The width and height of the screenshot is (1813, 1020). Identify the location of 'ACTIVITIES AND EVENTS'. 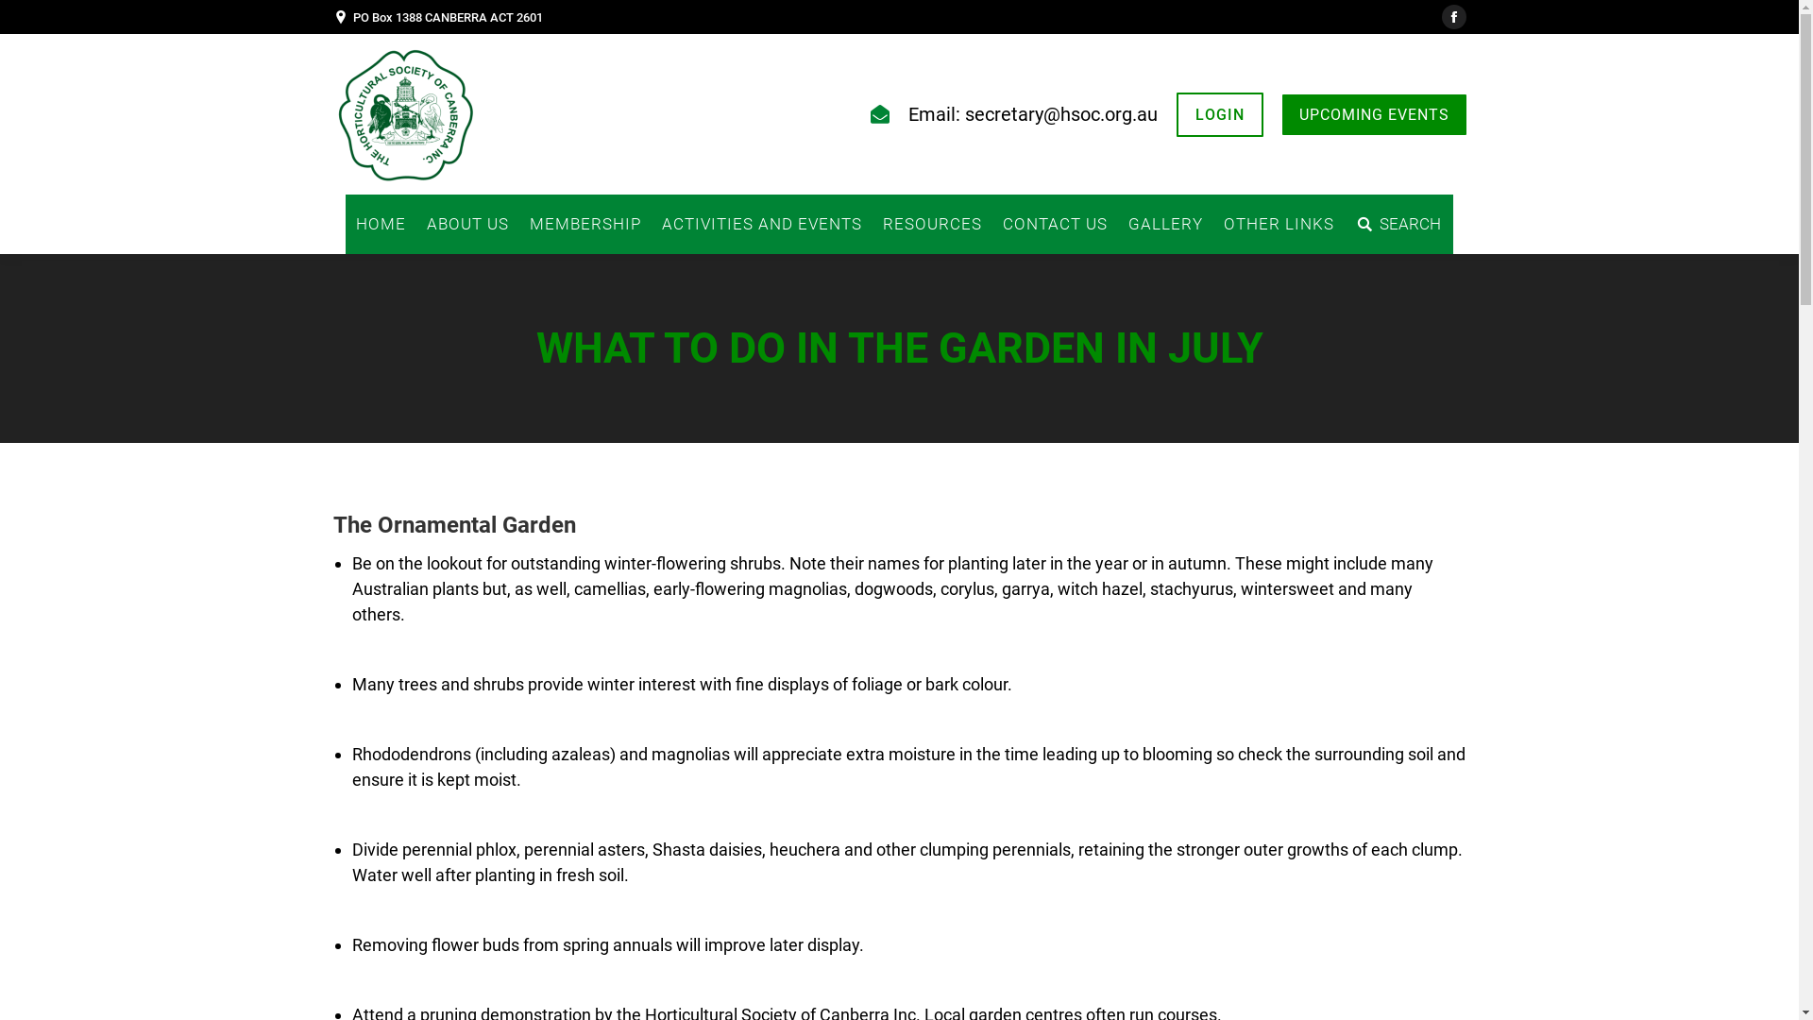
(652, 223).